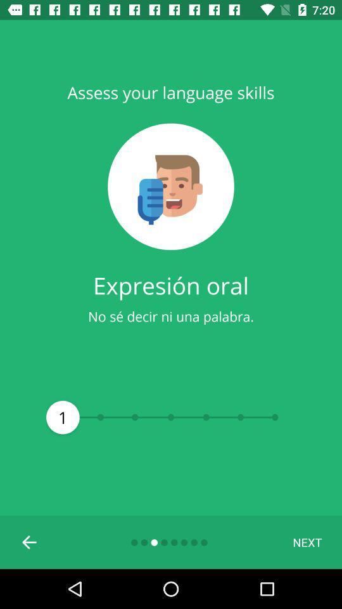 The image size is (342, 609). Describe the element at coordinates (307, 541) in the screenshot. I see `next icon` at that location.